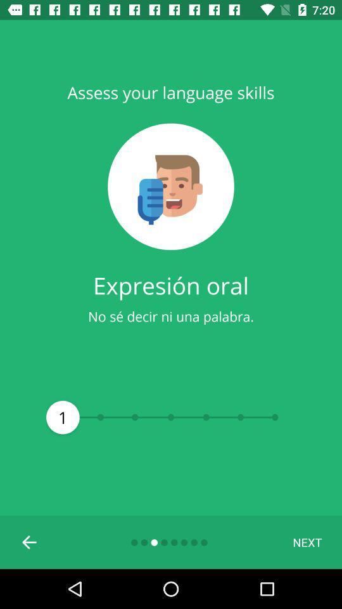 The image size is (342, 609). Describe the element at coordinates (307, 541) in the screenshot. I see `next icon` at that location.